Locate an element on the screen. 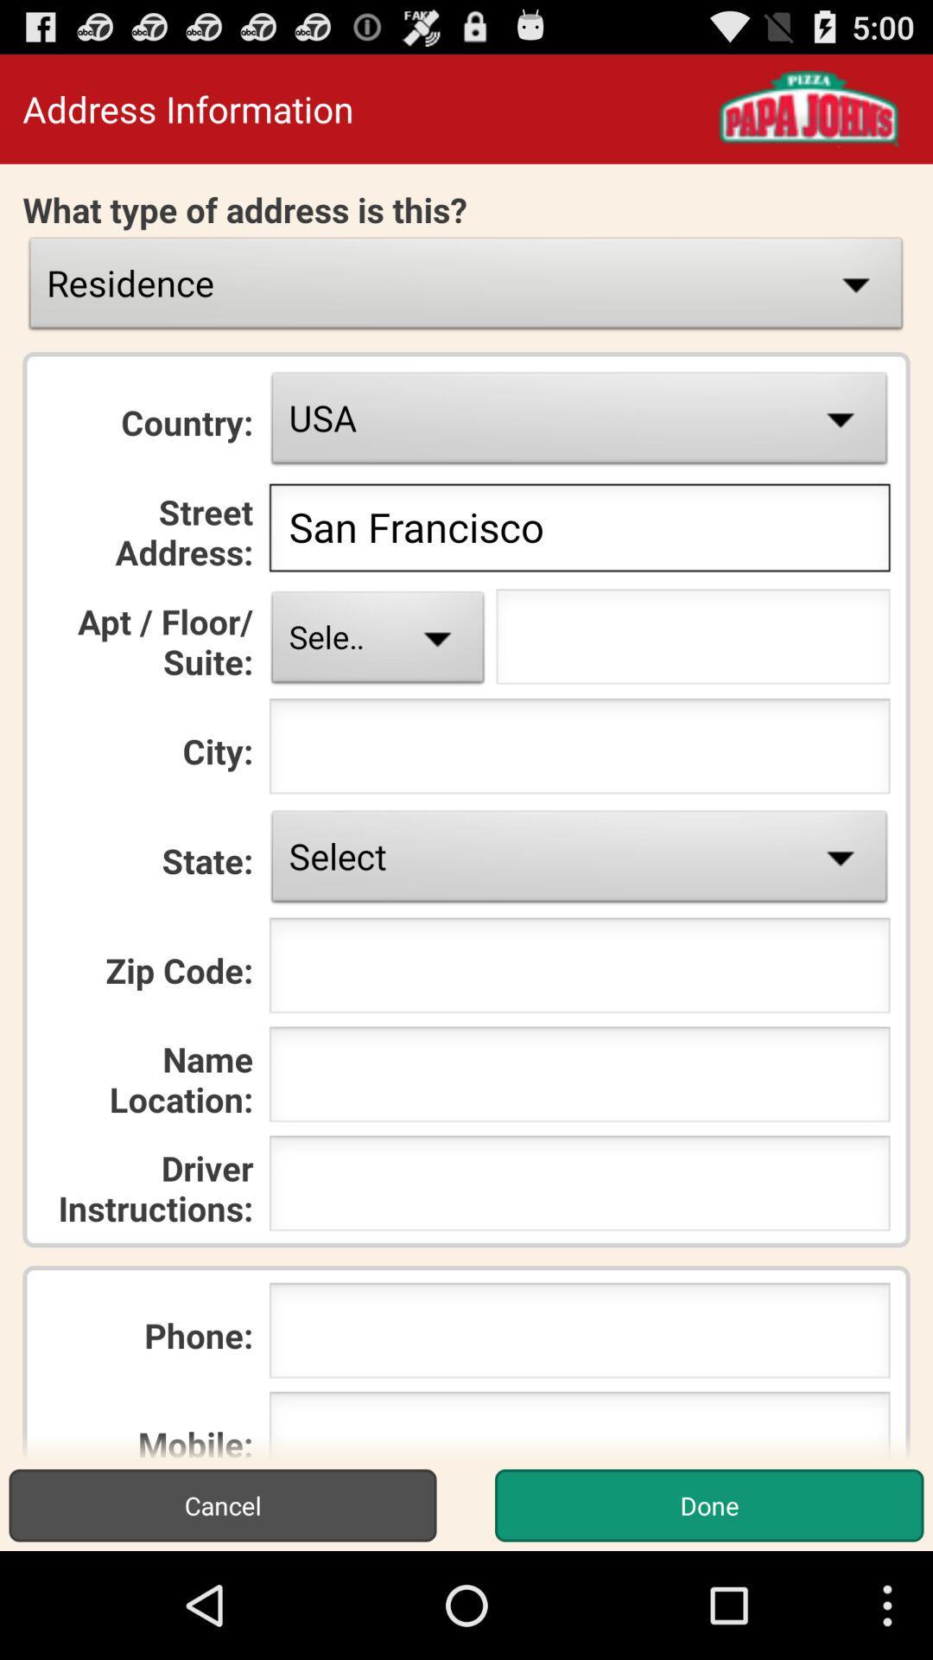  driver instructions is located at coordinates (580, 1187).